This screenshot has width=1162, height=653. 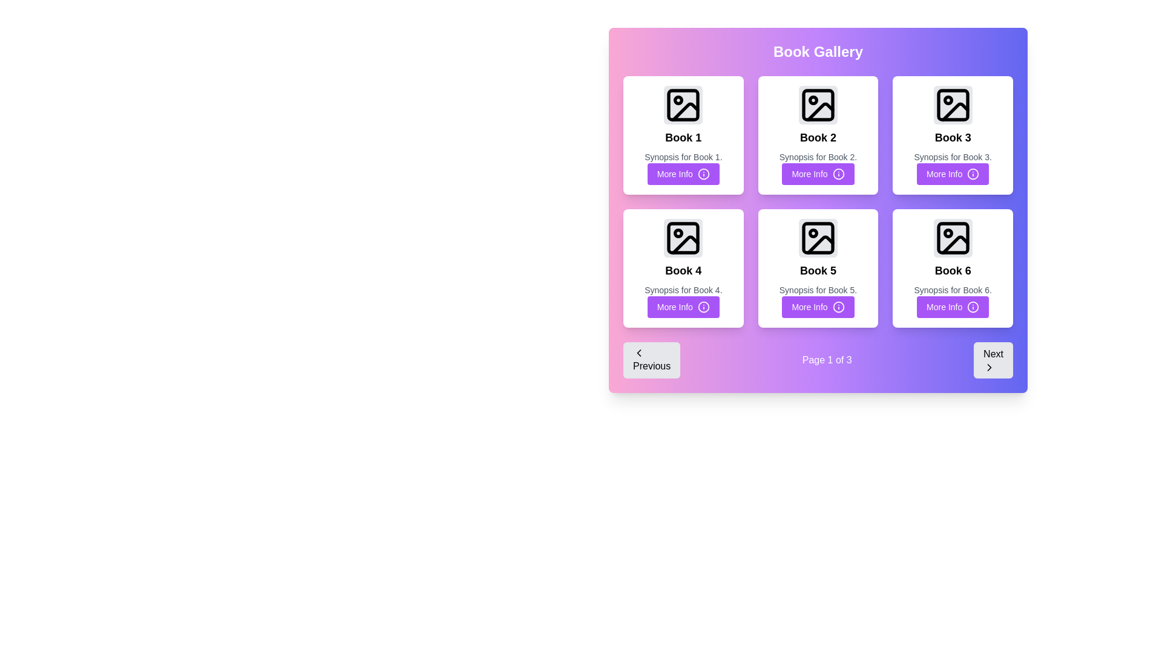 What do you see at coordinates (818, 307) in the screenshot?
I see `the button located at the bottom middle of the grid, which provides access` at bounding box center [818, 307].